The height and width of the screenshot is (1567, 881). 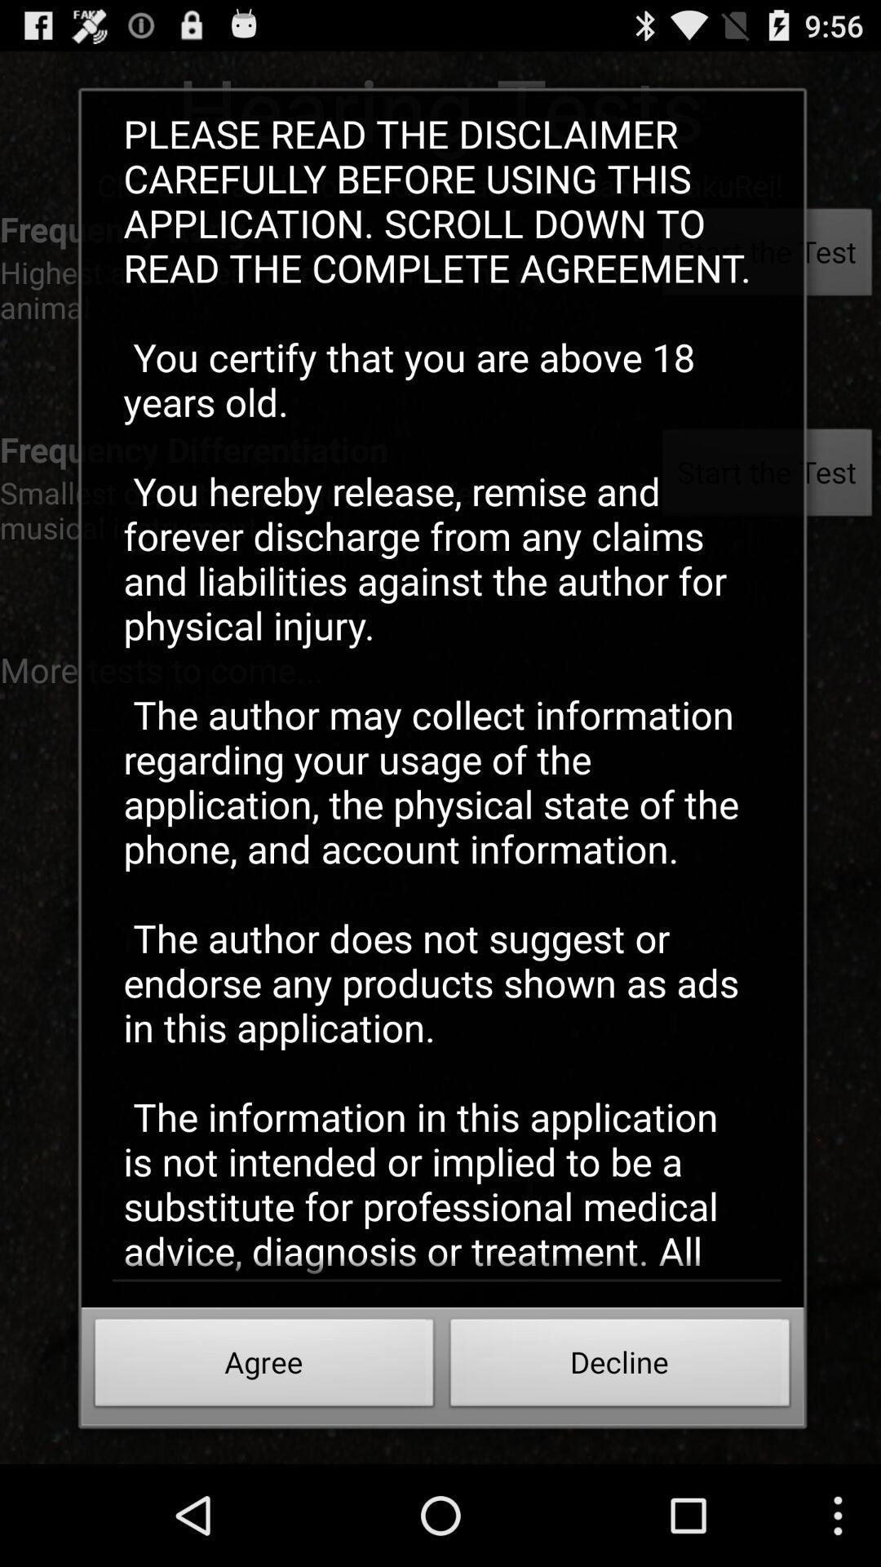 I want to click on button at the bottom right corner, so click(x=620, y=1367).